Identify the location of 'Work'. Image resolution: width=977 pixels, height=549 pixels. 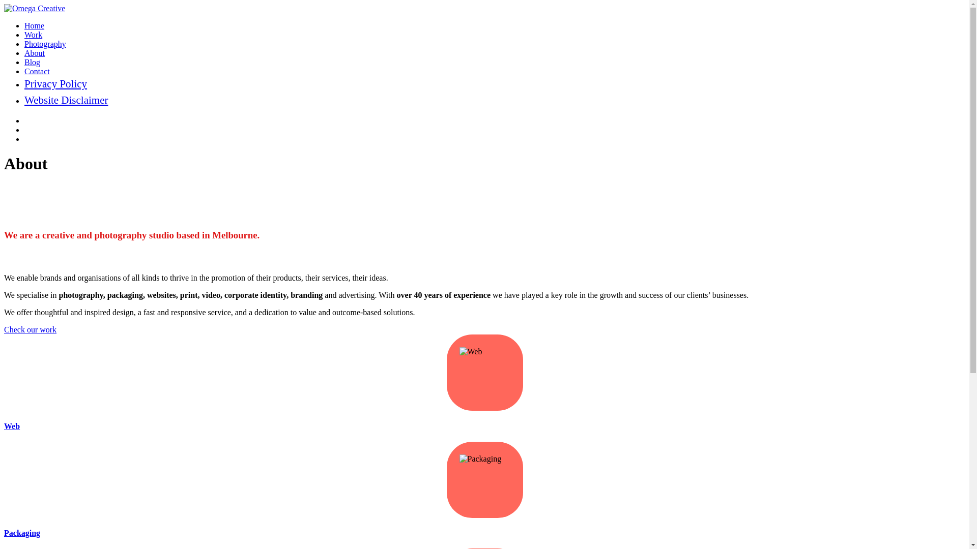
(33, 34).